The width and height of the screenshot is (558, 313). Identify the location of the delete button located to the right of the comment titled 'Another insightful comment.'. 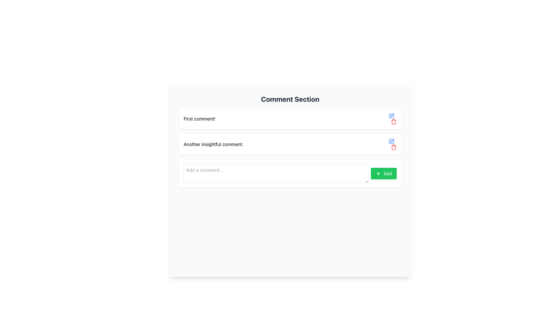
(392, 144).